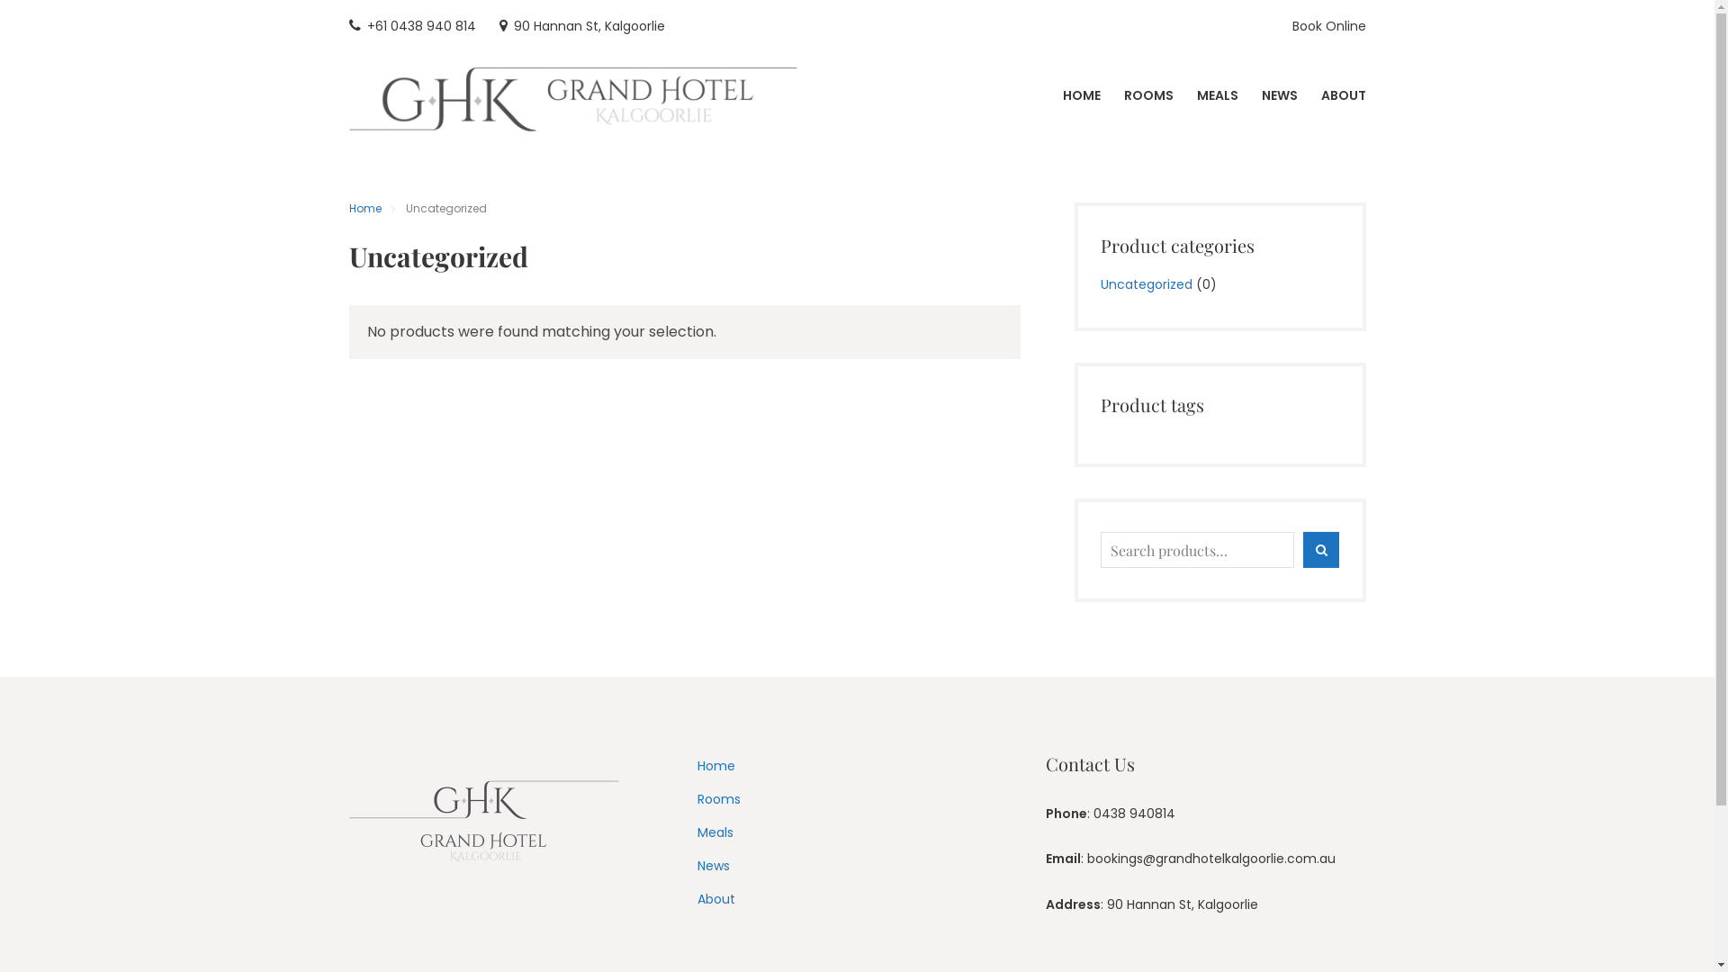 This screenshot has height=972, width=1728. Describe the element at coordinates (1147, 95) in the screenshot. I see `'ROOMS'` at that location.